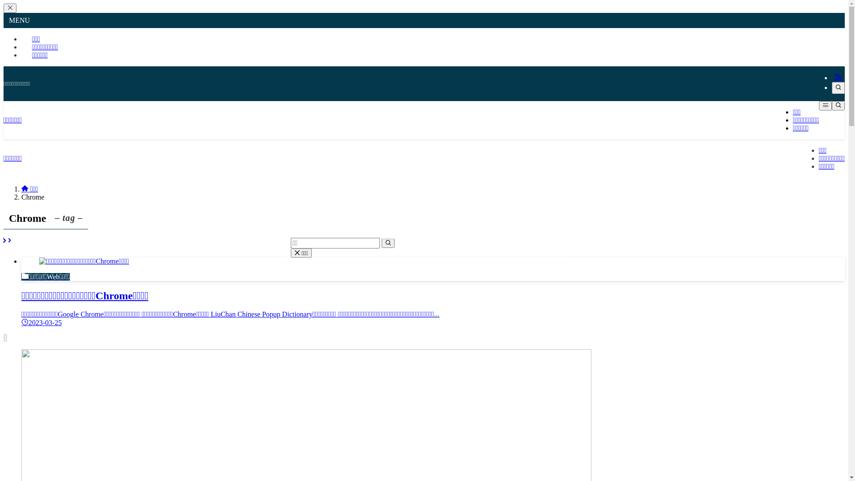  Describe the element at coordinates (381, 243) in the screenshot. I see `'search'` at that location.